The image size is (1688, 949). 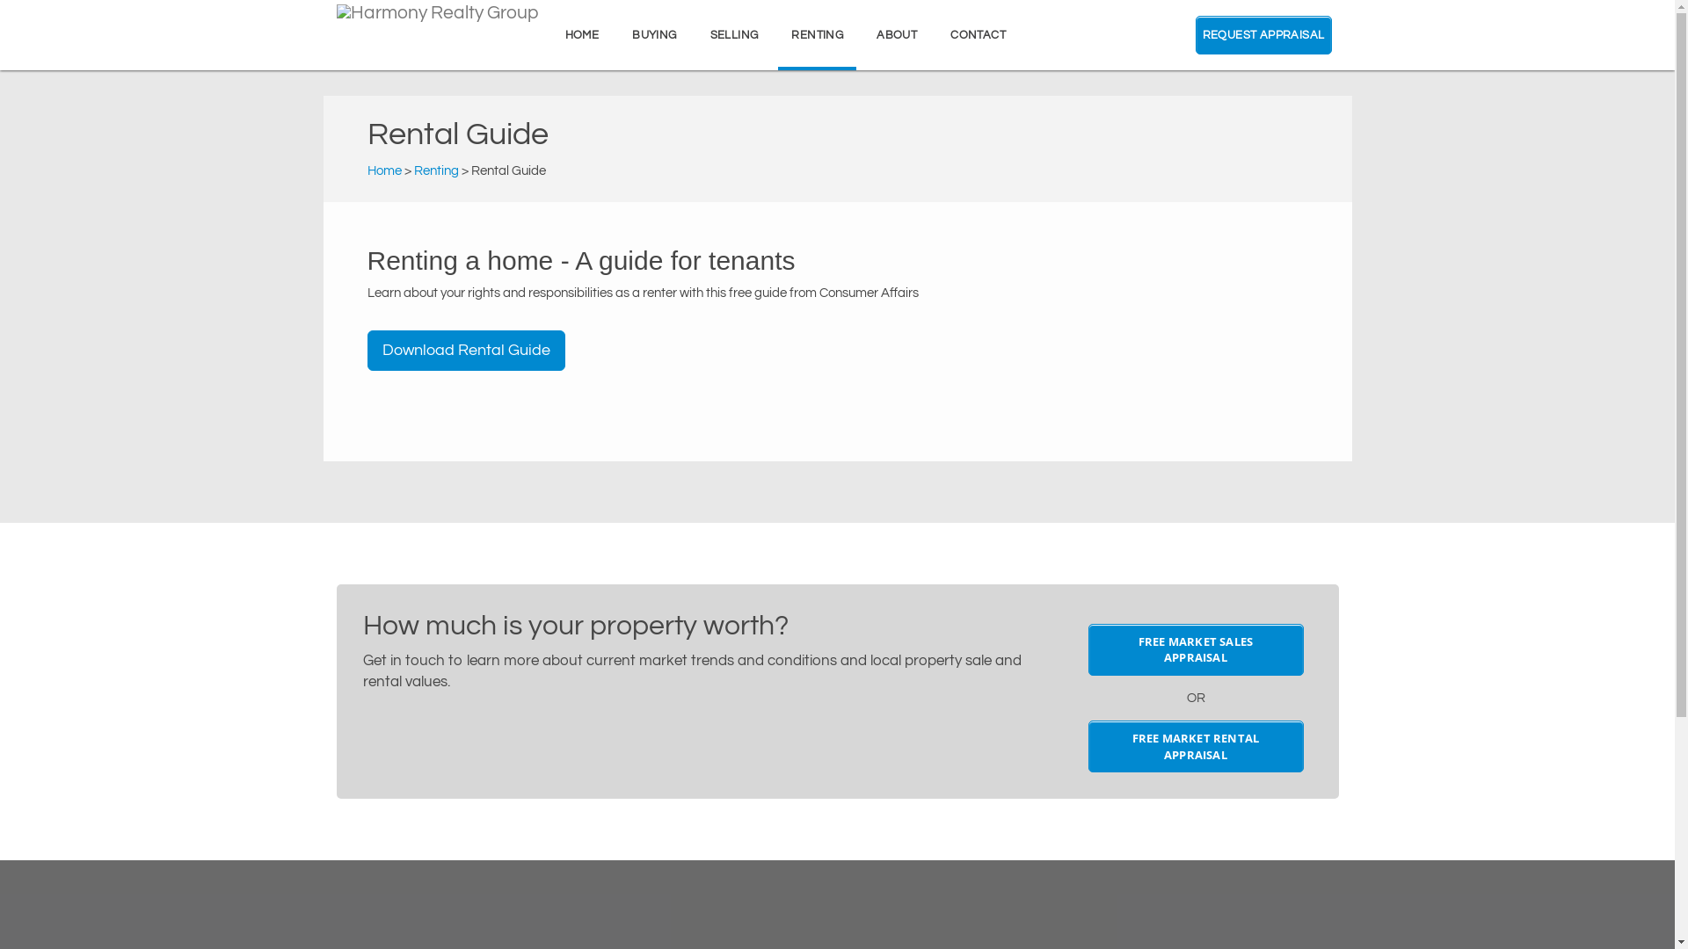 I want to click on 'Home', so click(x=383, y=170).